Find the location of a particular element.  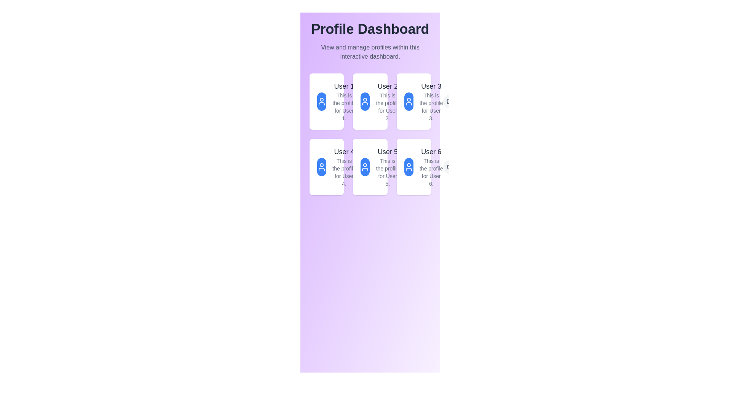

the Profile Card displaying User 5's information, which is the fifth card in a grid layout located in the second row and second column is located at coordinates (370, 167).